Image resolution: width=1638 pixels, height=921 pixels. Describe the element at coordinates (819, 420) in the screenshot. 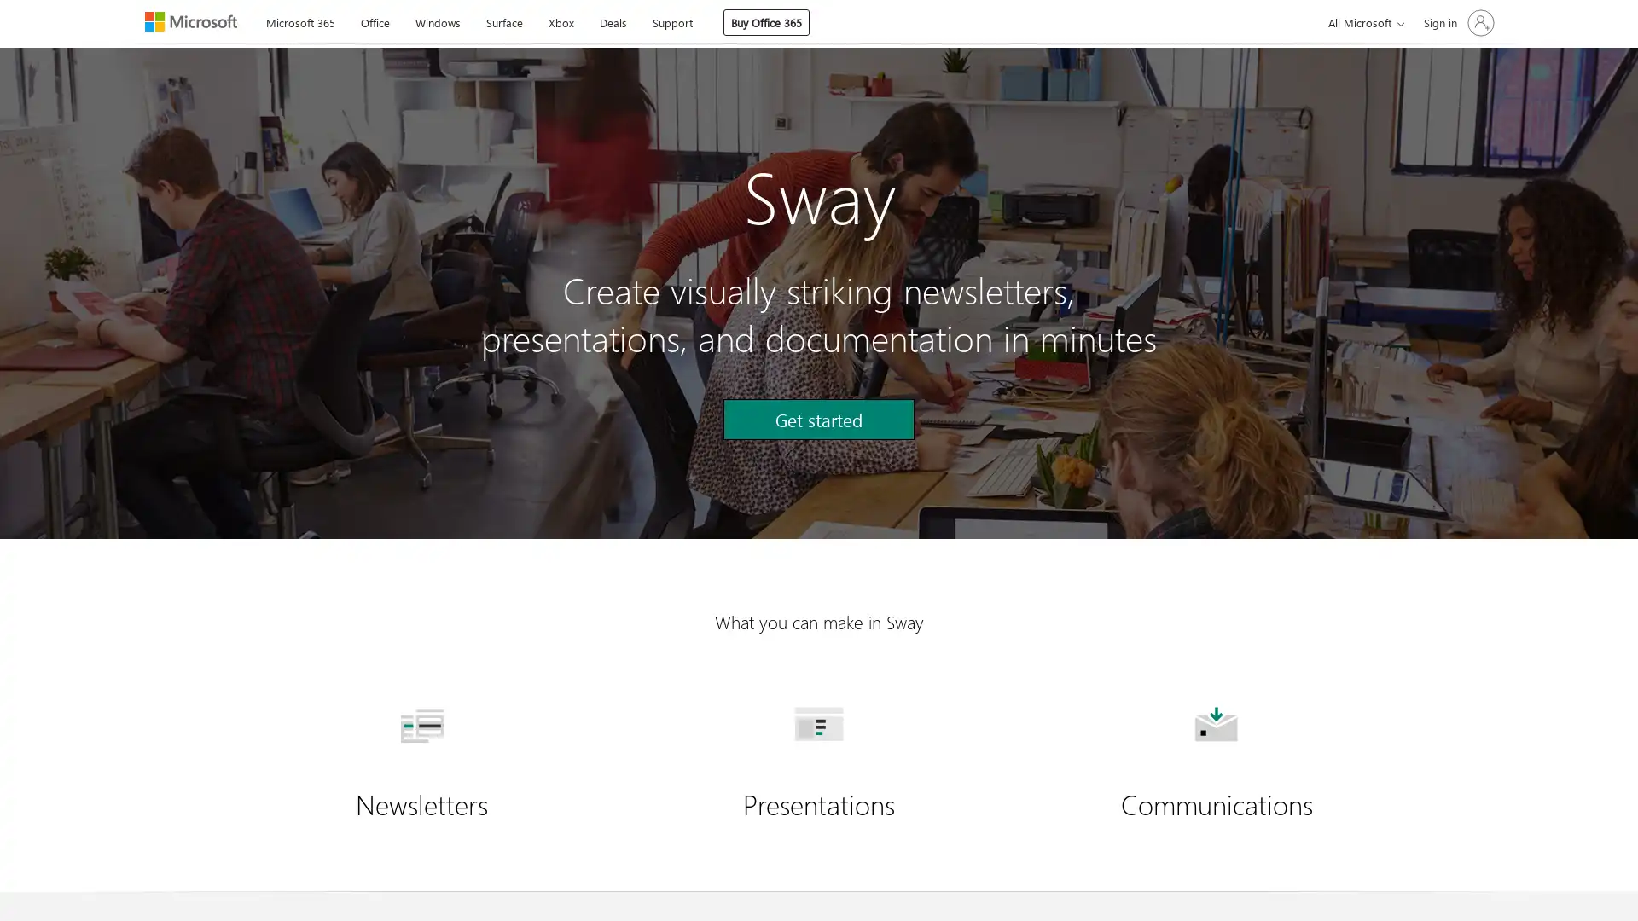

I see `Get started` at that location.